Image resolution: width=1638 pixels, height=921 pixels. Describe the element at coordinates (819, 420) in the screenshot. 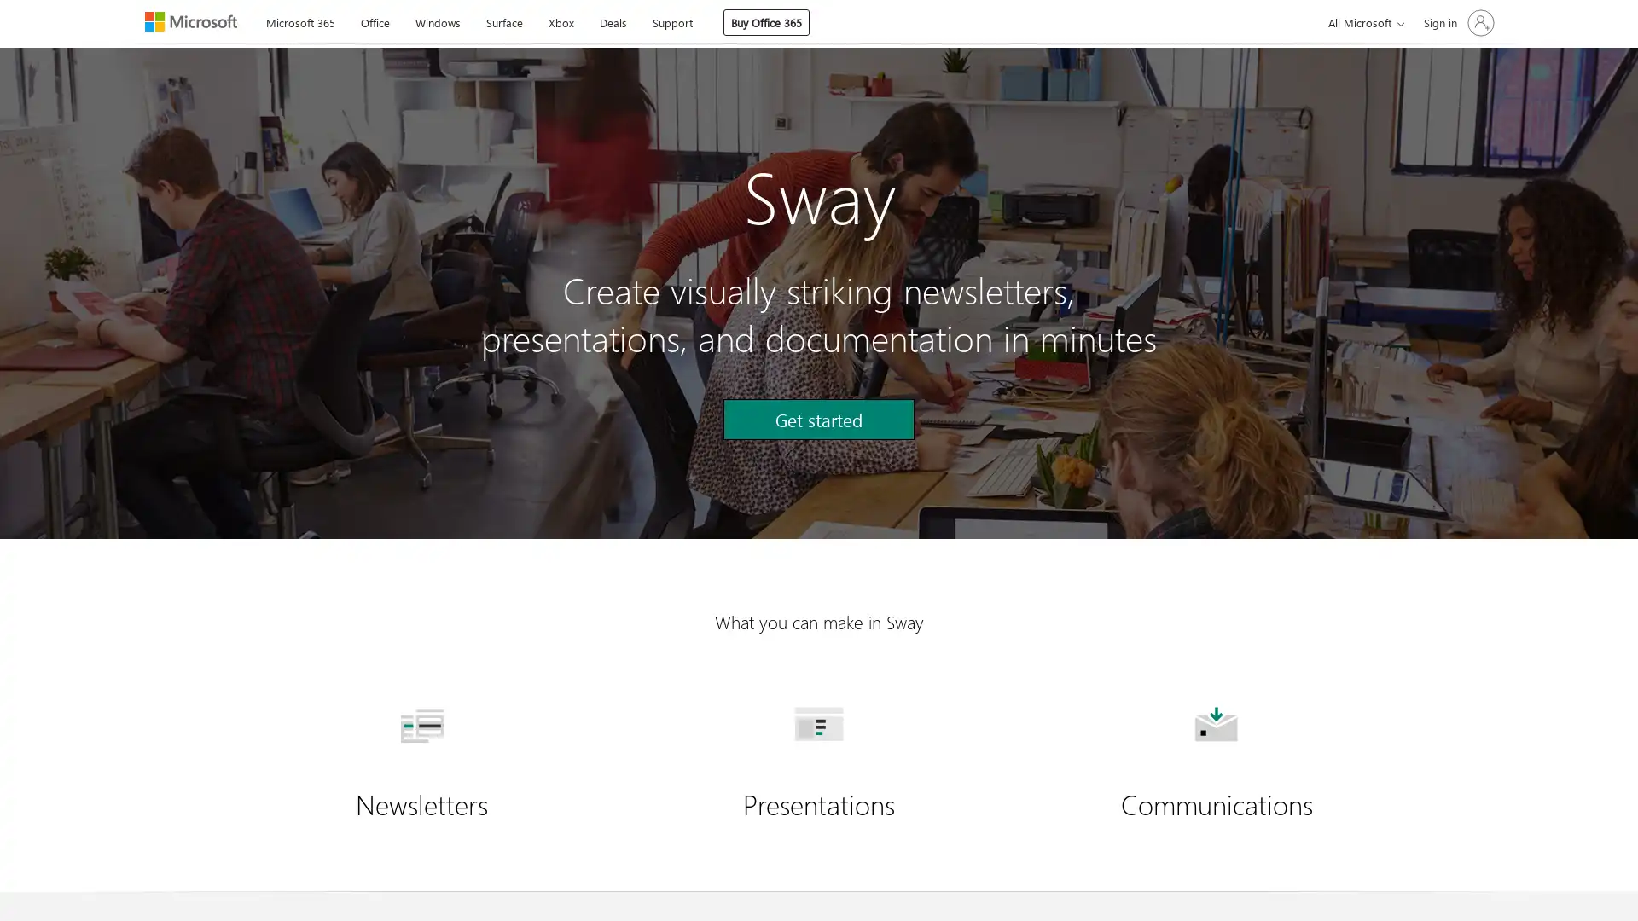

I see `Get started` at that location.